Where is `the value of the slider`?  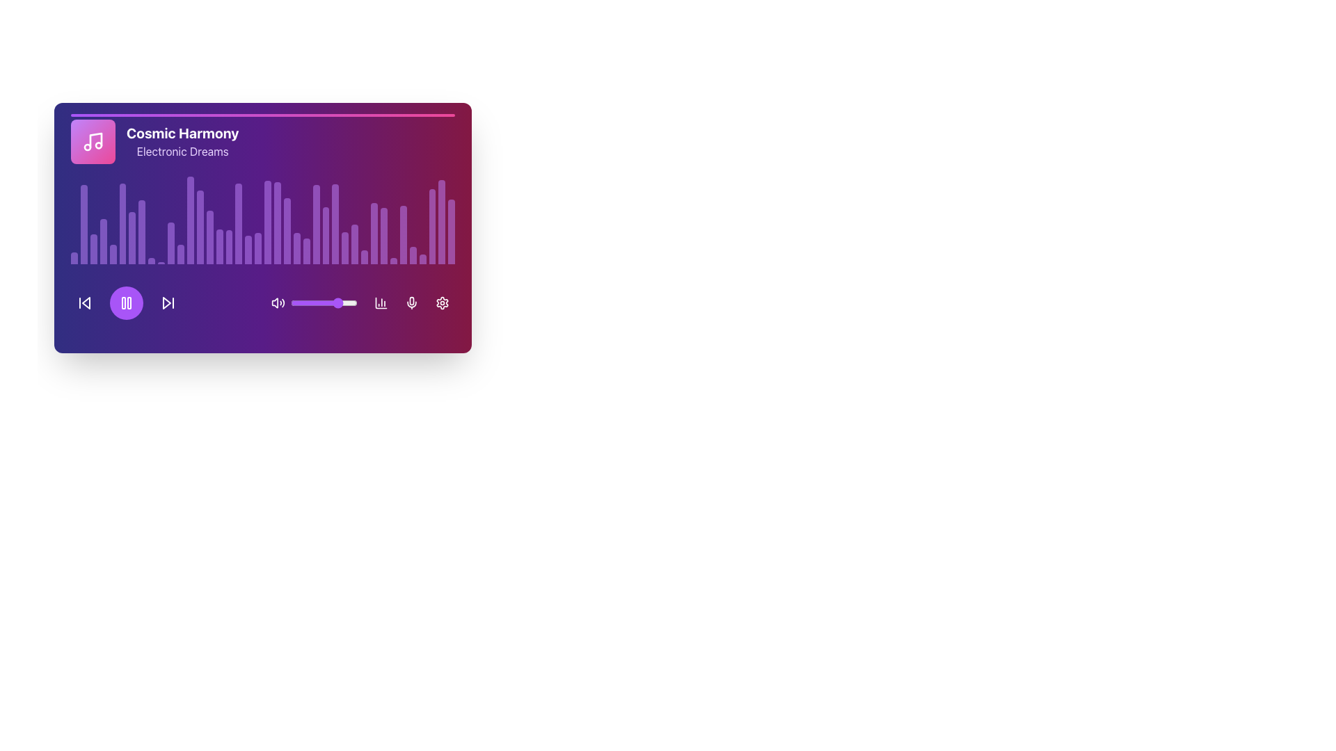 the value of the slider is located at coordinates (337, 302).